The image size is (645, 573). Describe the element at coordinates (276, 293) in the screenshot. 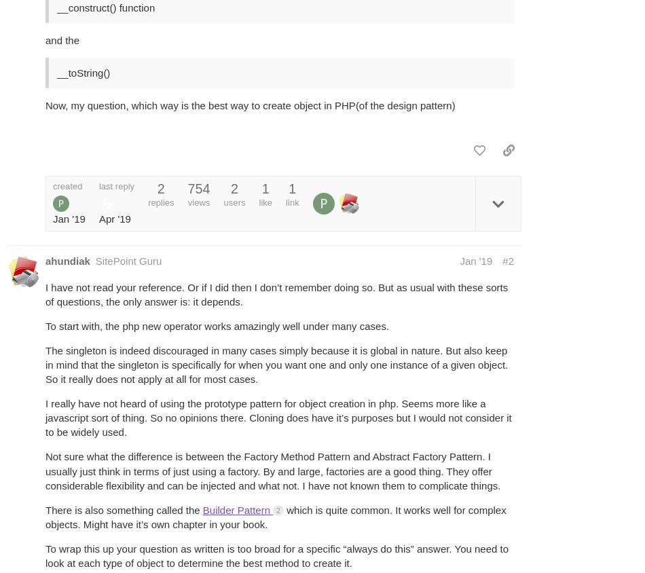

I see `'I have not read your reference.  Or if I did then I don’t remember doing so.  But as usual with these sorts of questions, the only answer is: it depends.'` at that location.